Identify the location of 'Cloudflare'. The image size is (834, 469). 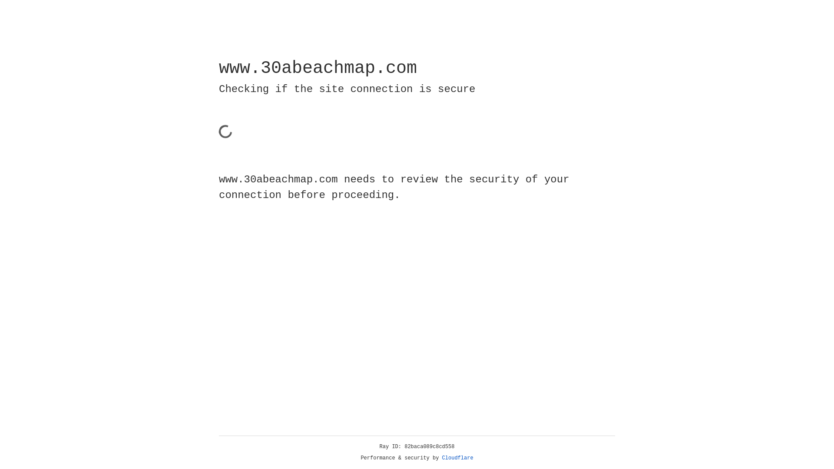
(442, 458).